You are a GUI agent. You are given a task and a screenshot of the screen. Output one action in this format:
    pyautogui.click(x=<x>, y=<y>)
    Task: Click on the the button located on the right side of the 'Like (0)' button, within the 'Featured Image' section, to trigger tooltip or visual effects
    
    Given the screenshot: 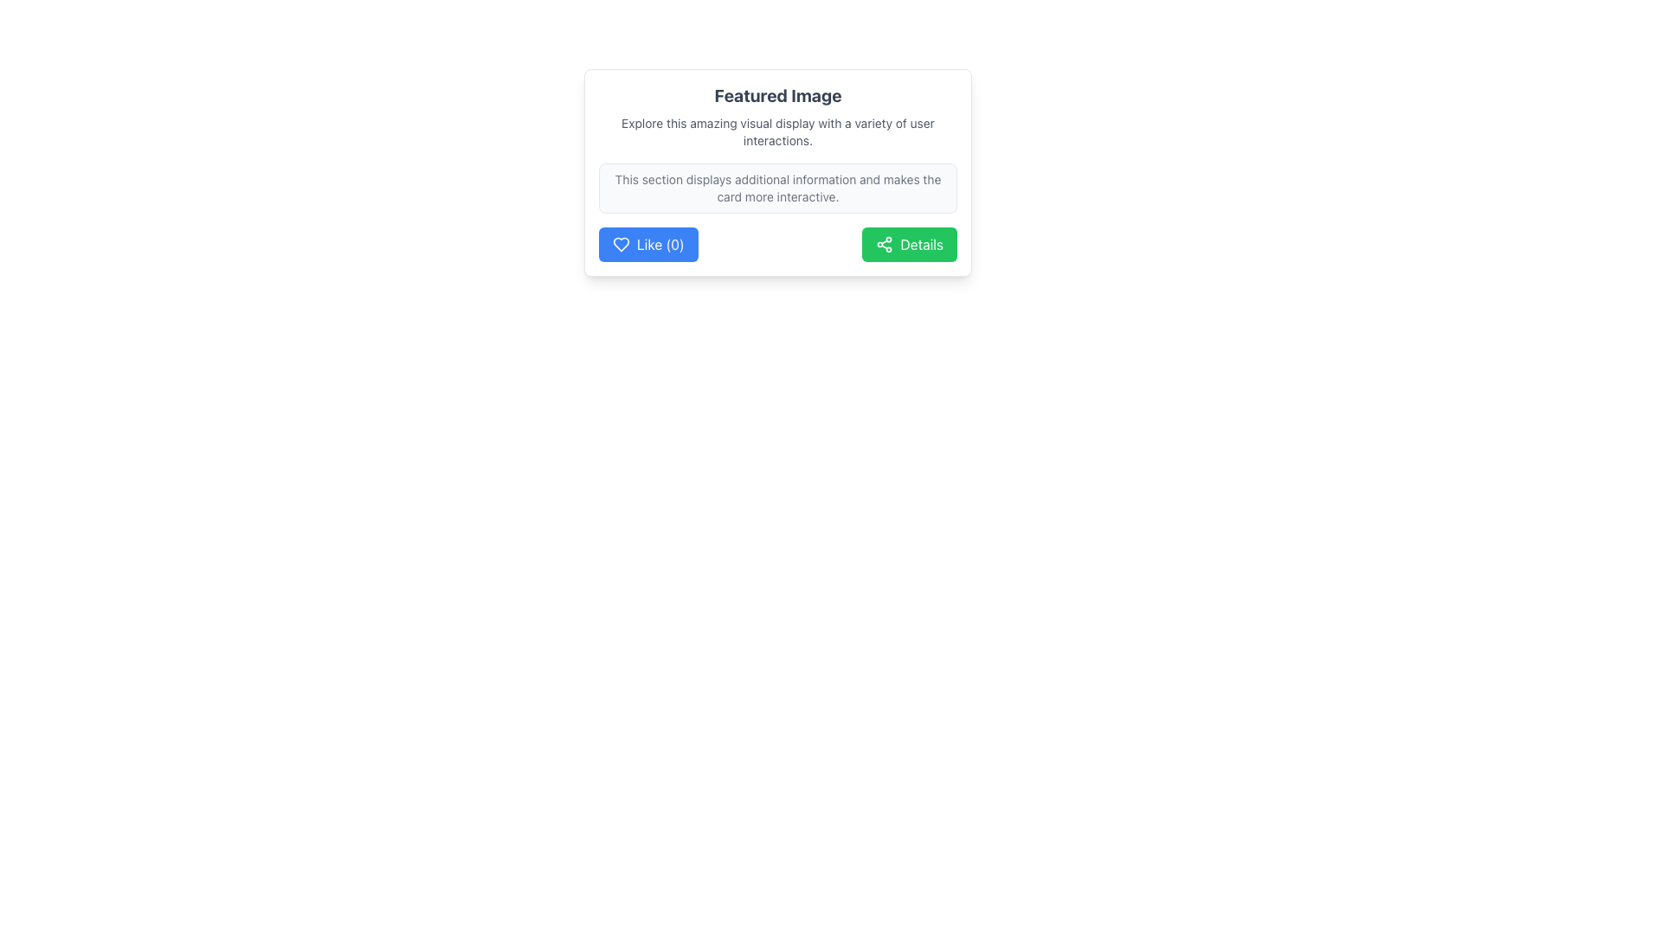 What is the action you would take?
    pyautogui.click(x=909, y=244)
    